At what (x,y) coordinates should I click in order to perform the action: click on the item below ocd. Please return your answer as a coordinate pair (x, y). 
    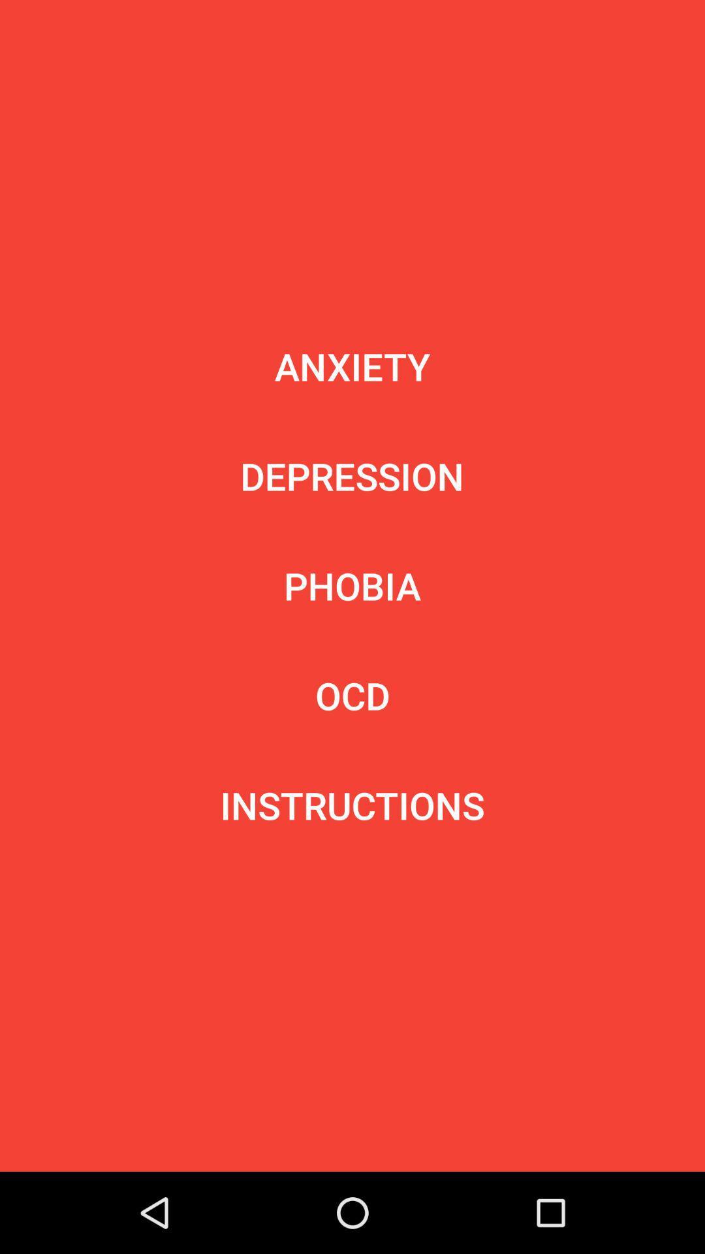
    Looking at the image, I should click on (352, 805).